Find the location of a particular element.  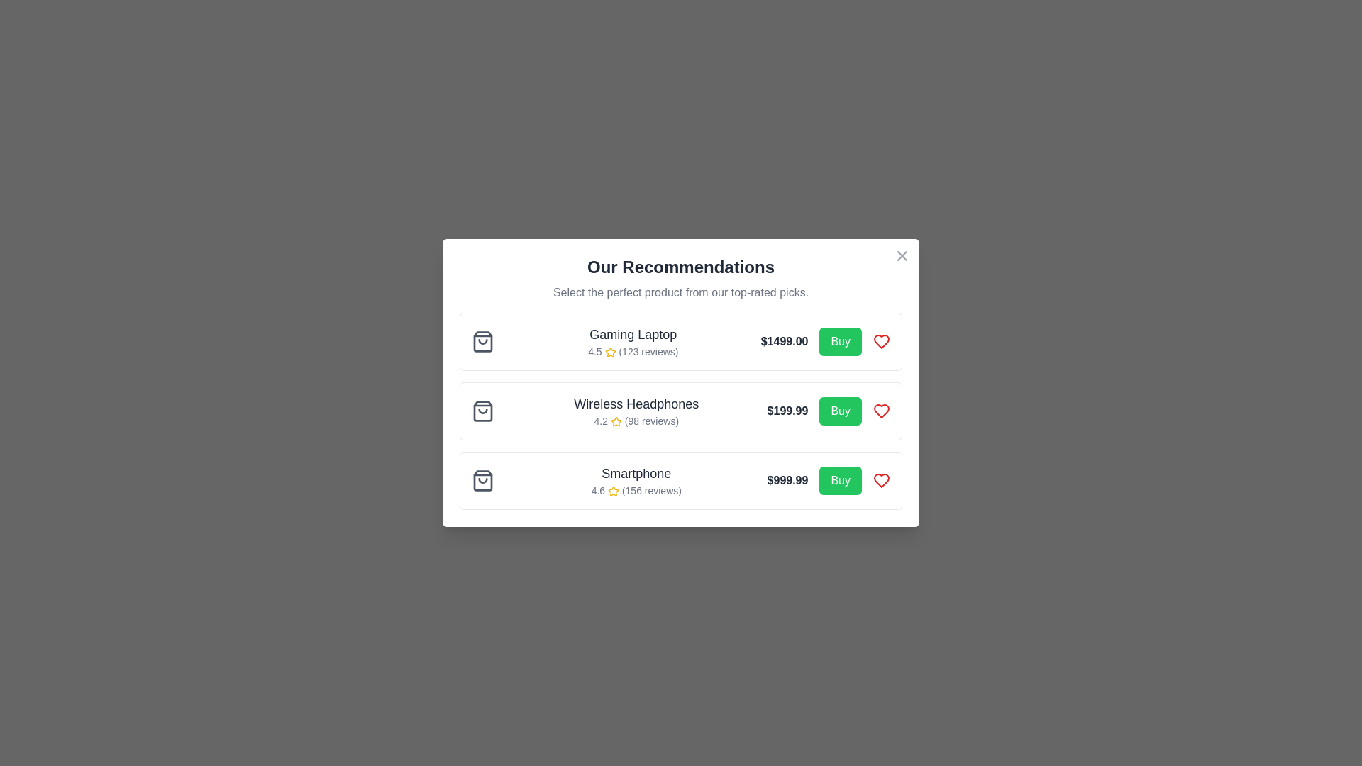

the purchase button for 'Wireless Headphones' to trigger its hover state is located at coordinates (841, 411).